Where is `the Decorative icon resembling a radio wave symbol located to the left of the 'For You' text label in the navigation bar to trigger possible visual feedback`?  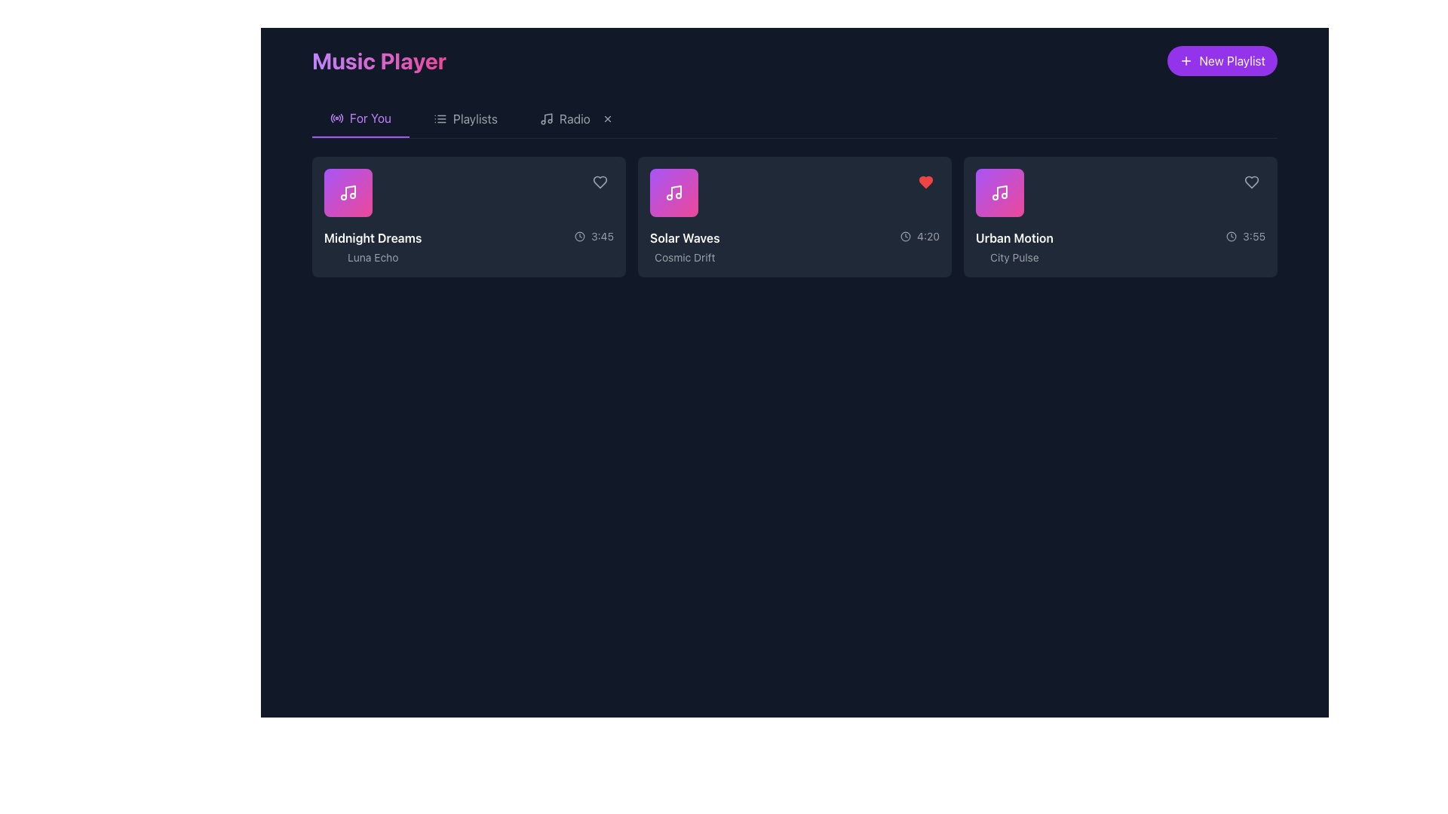
the Decorative icon resembling a radio wave symbol located to the left of the 'For You' text label in the navigation bar to trigger possible visual feedback is located at coordinates (336, 118).